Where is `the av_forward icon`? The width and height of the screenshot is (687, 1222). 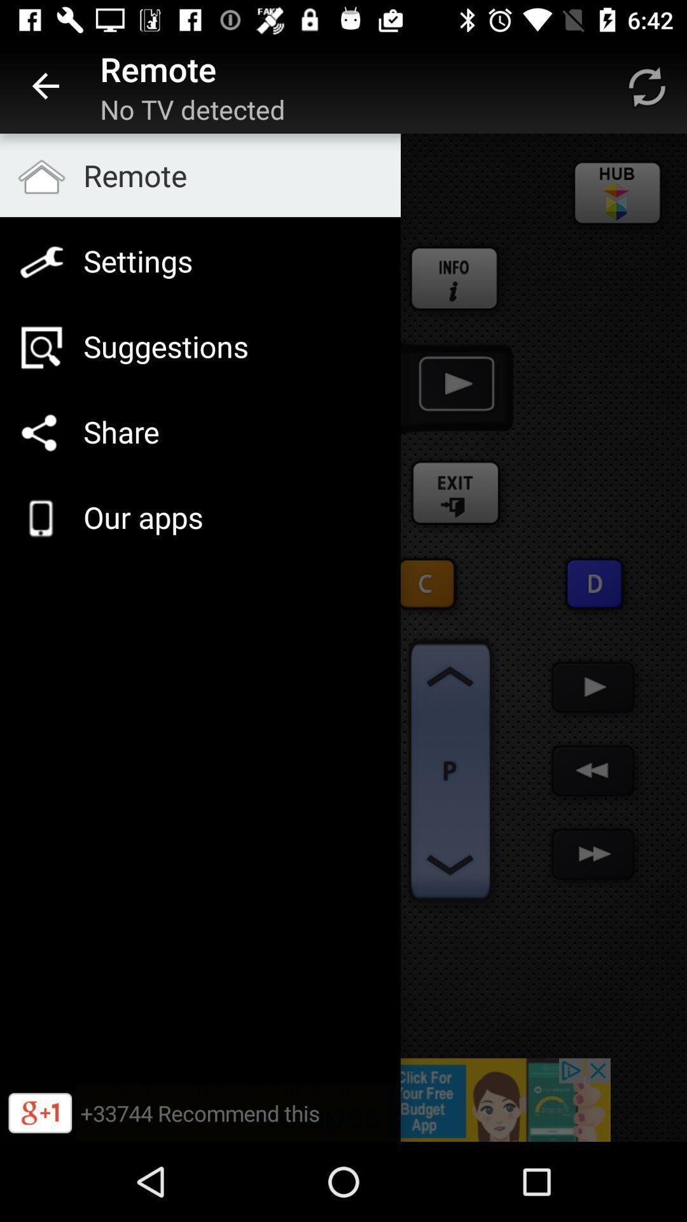
the av_forward icon is located at coordinates (593, 854).